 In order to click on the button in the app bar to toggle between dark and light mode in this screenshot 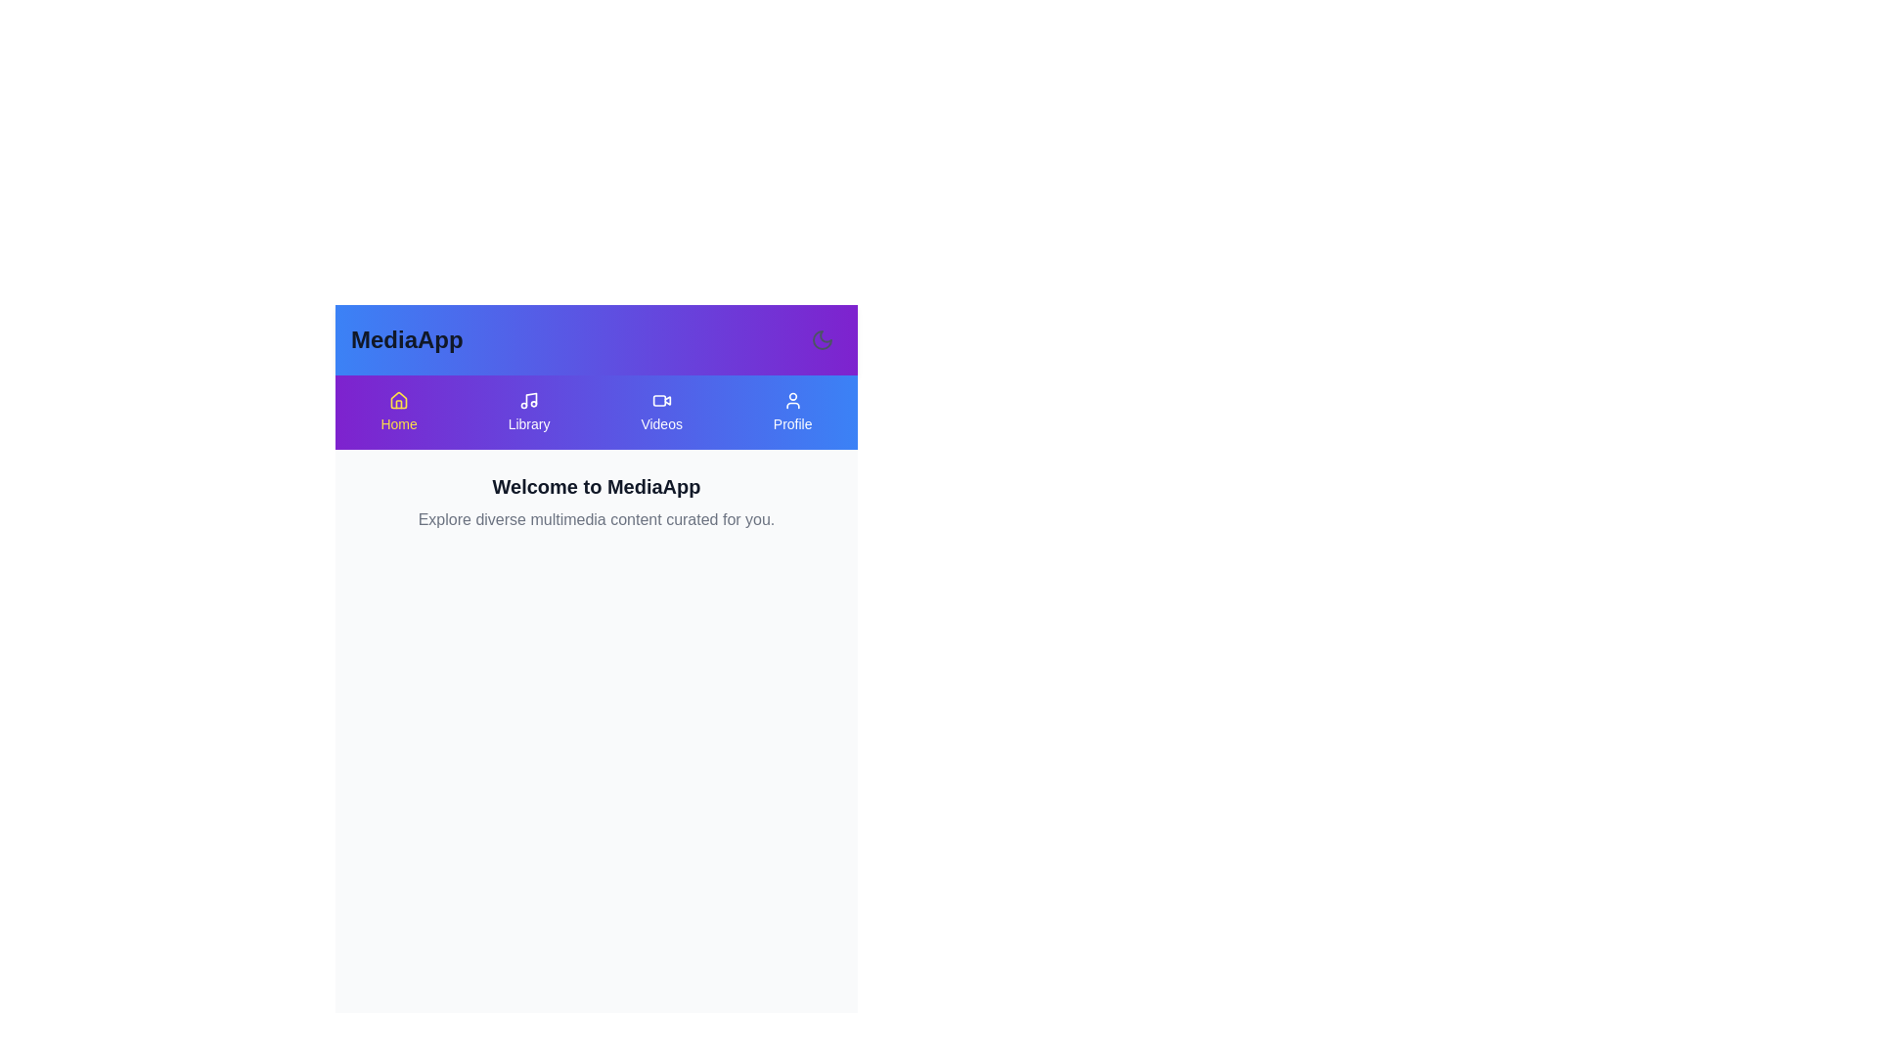, I will do `click(822, 338)`.